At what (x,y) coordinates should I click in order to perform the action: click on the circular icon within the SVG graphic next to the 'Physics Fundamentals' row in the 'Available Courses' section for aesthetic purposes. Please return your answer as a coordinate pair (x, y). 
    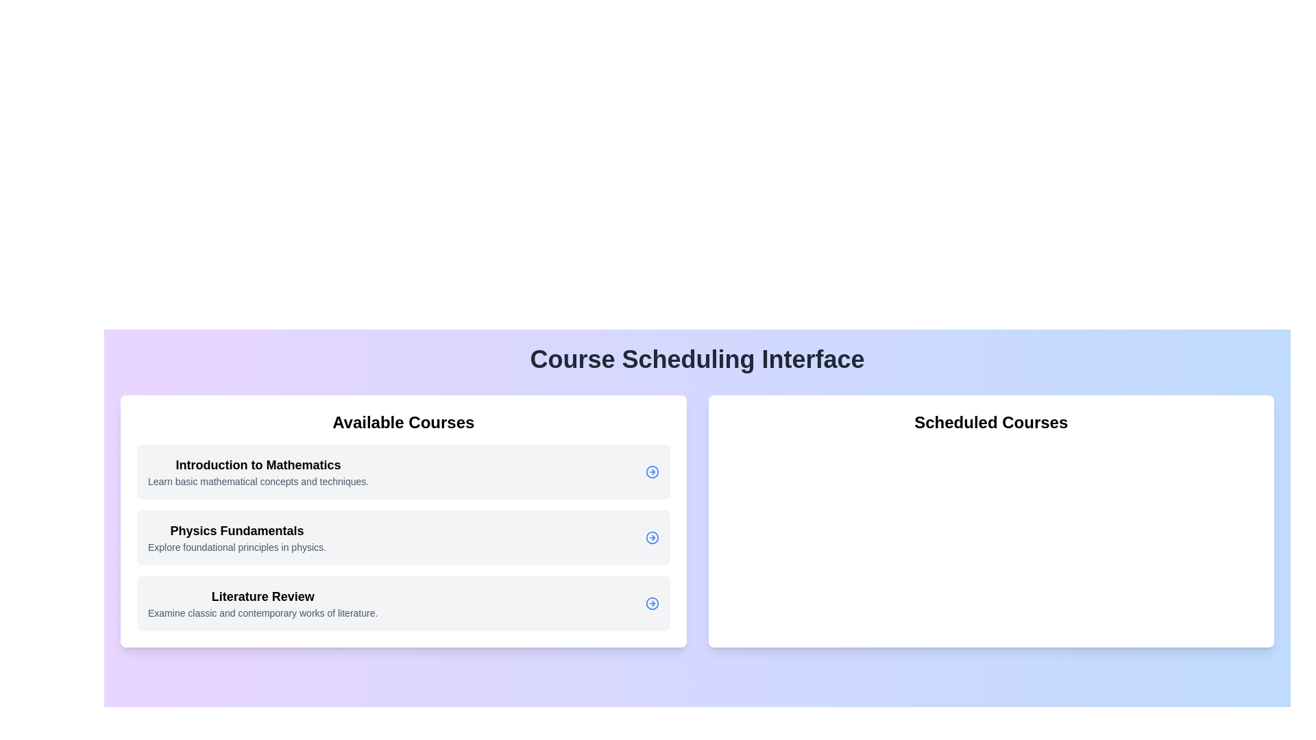
    Looking at the image, I should click on (651, 537).